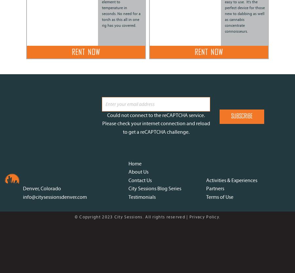  What do you see at coordinates (135, 163) in the screenshot?
I see `'Home'` at bounding box center [135, 163].